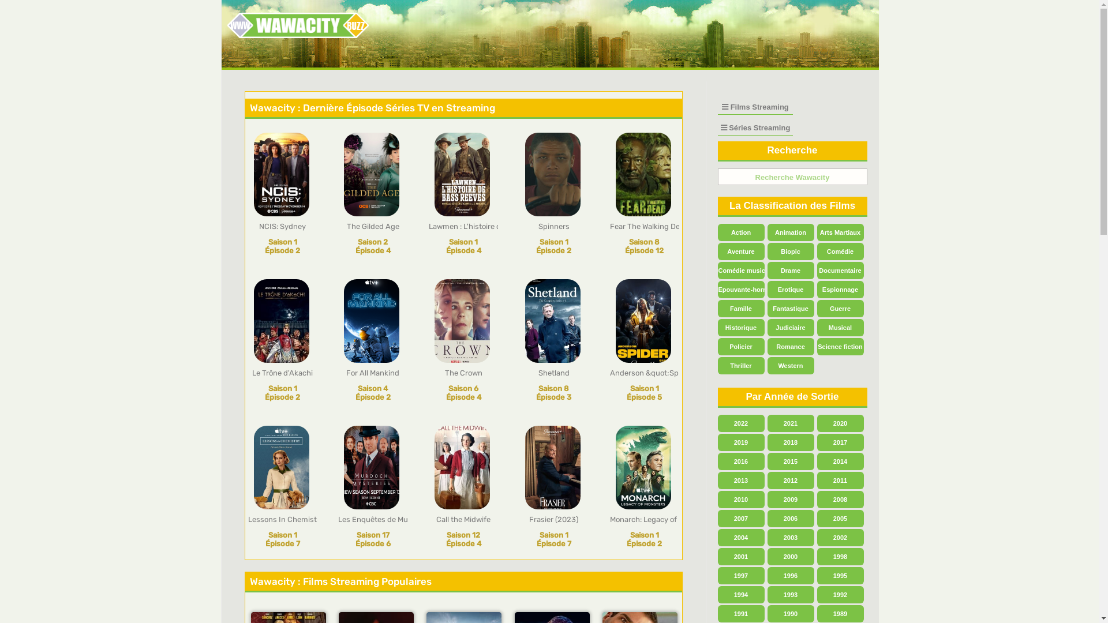 The image size is (1108, 623). I want to click on '2012', so click(790, 481).